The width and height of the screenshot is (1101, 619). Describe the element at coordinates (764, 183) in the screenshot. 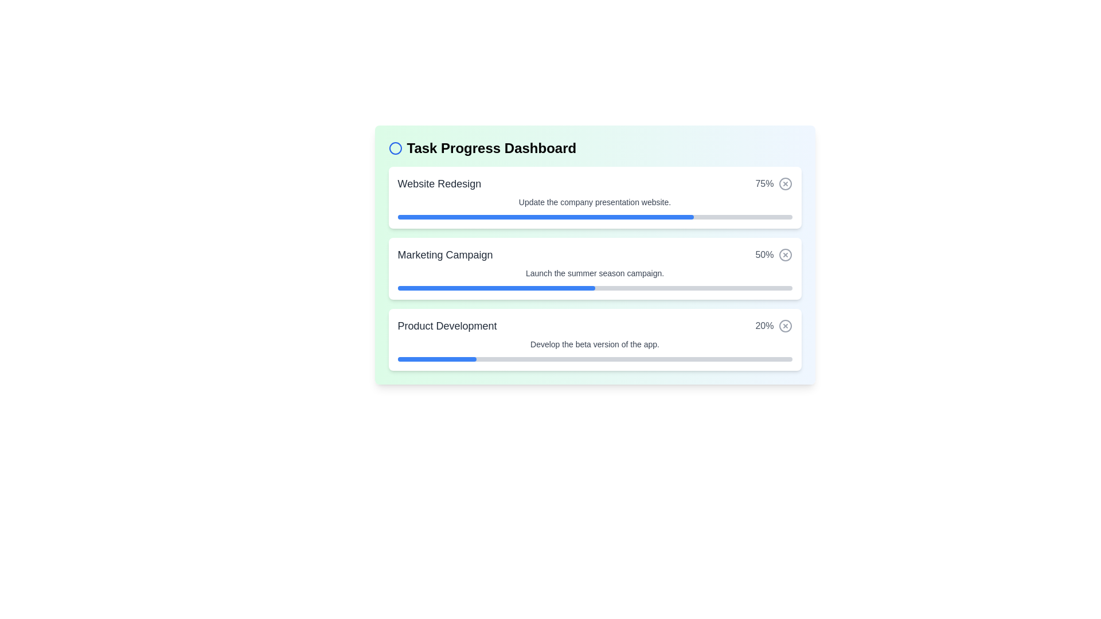

I see `the text displaying '75%' which is styled with a gray font color and is positioned next to a circular 'X' icon in the 'Website Redesign' task block` at that location.